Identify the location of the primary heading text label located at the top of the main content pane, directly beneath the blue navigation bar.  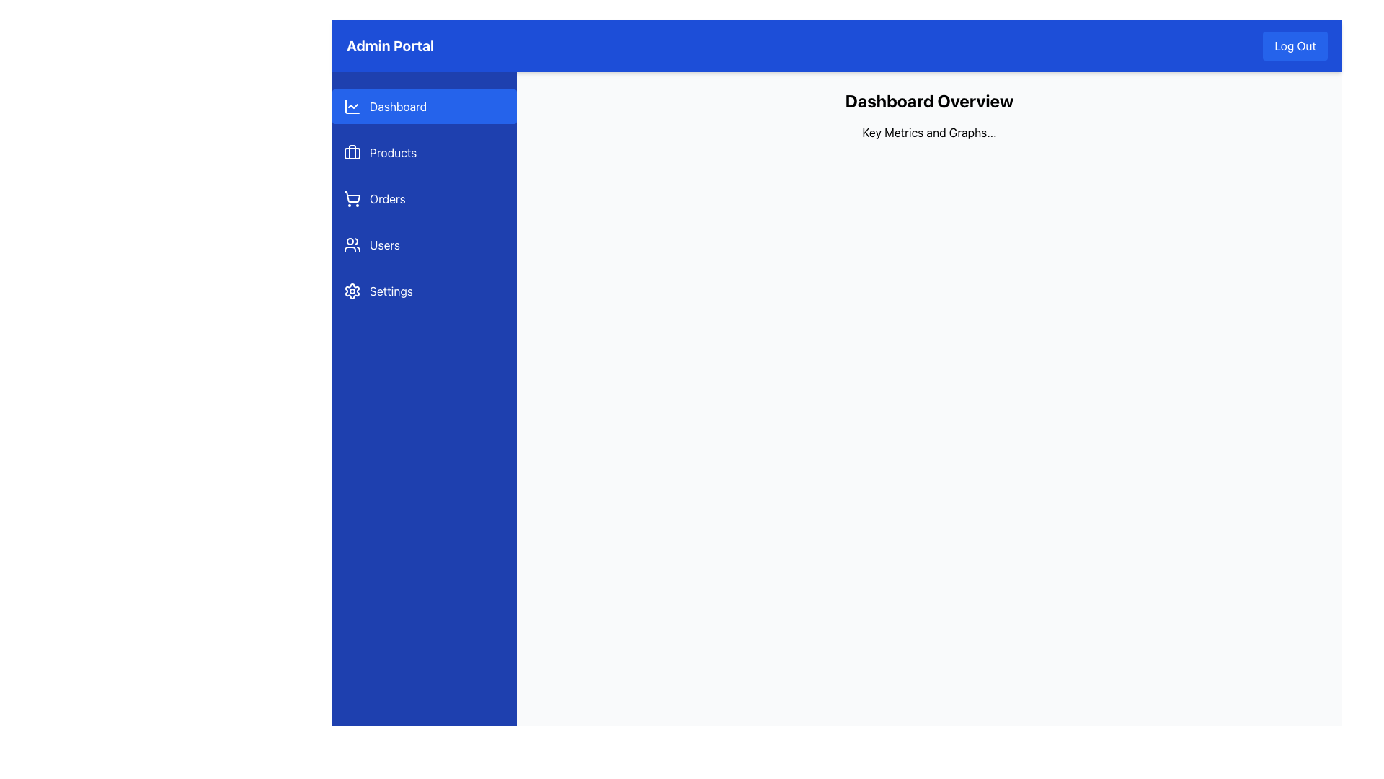
(929, 100).